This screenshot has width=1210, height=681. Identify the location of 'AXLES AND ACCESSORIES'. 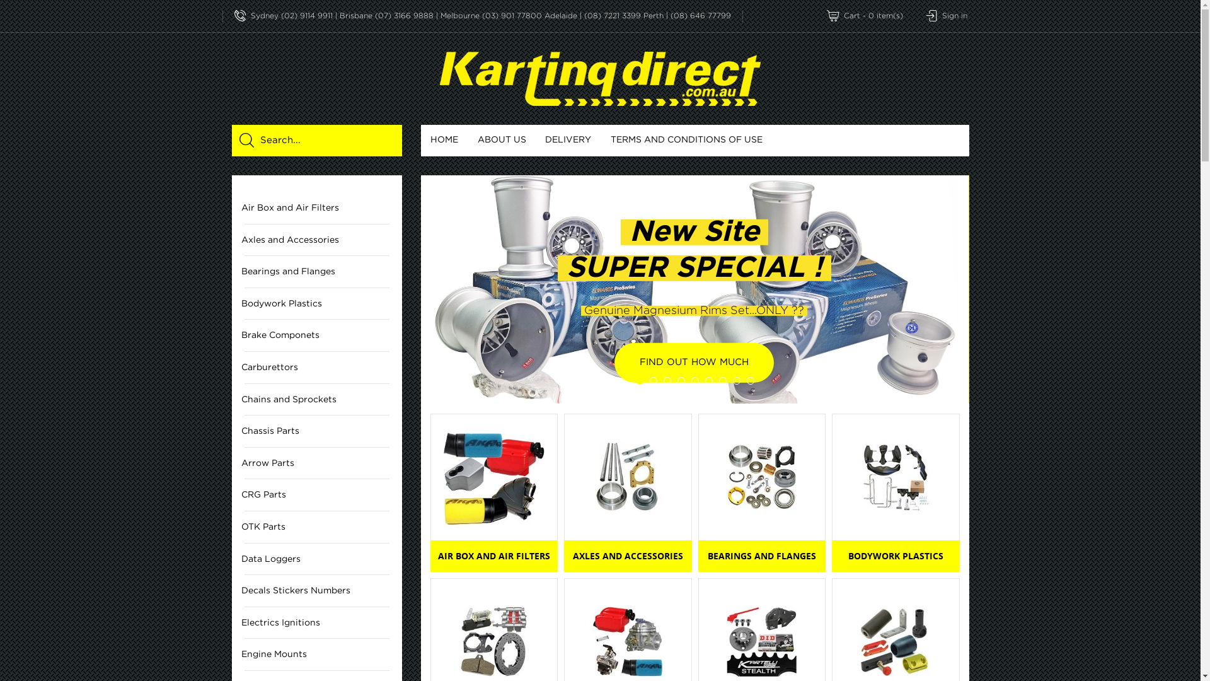
(628, 556).